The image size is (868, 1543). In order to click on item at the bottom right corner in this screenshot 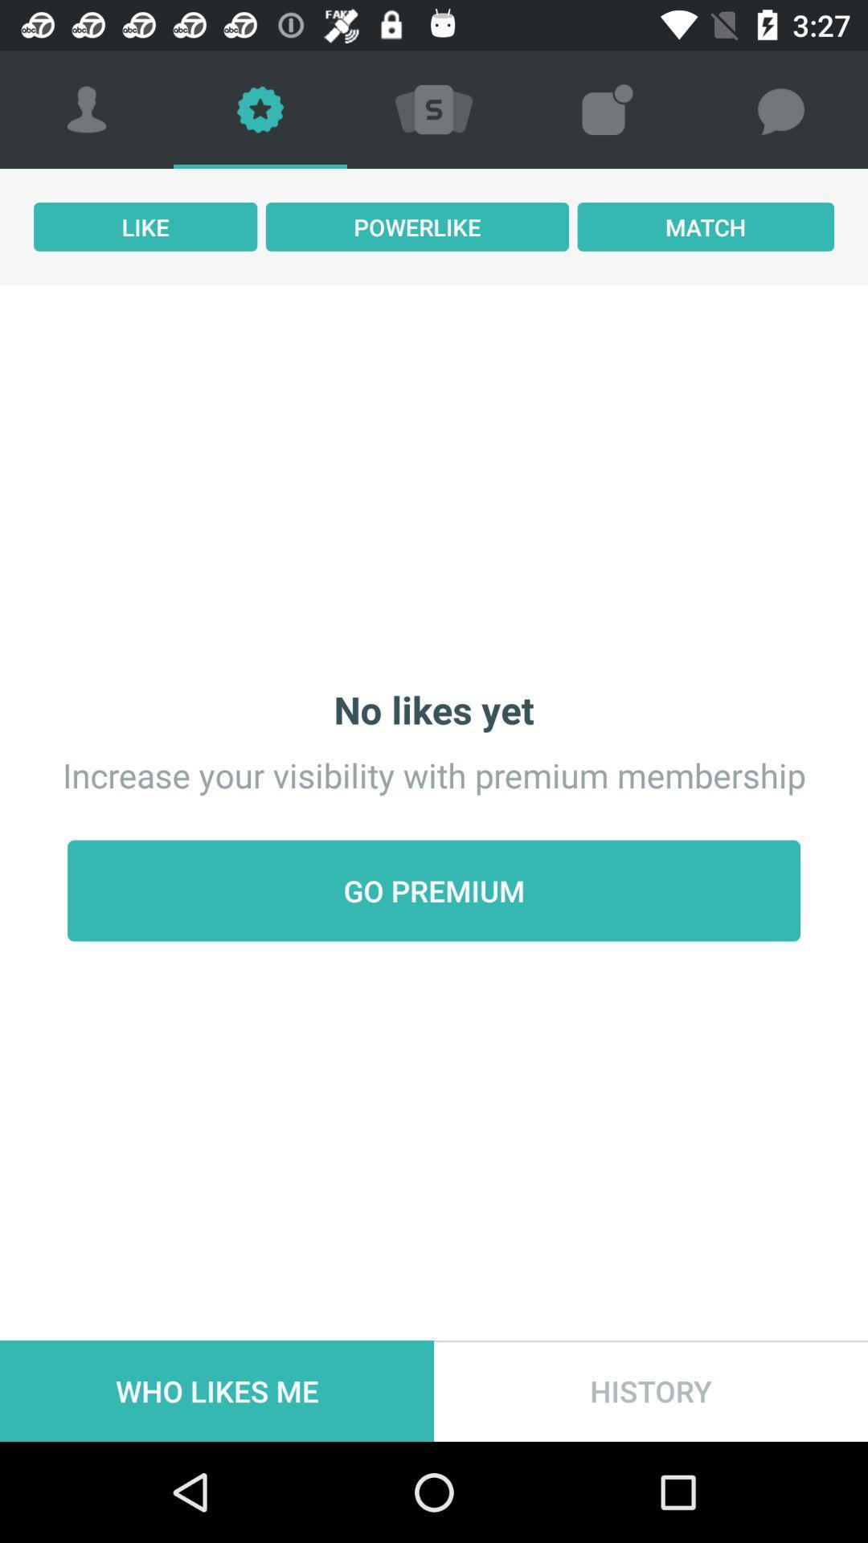, I will do `click(651, 1390)`.